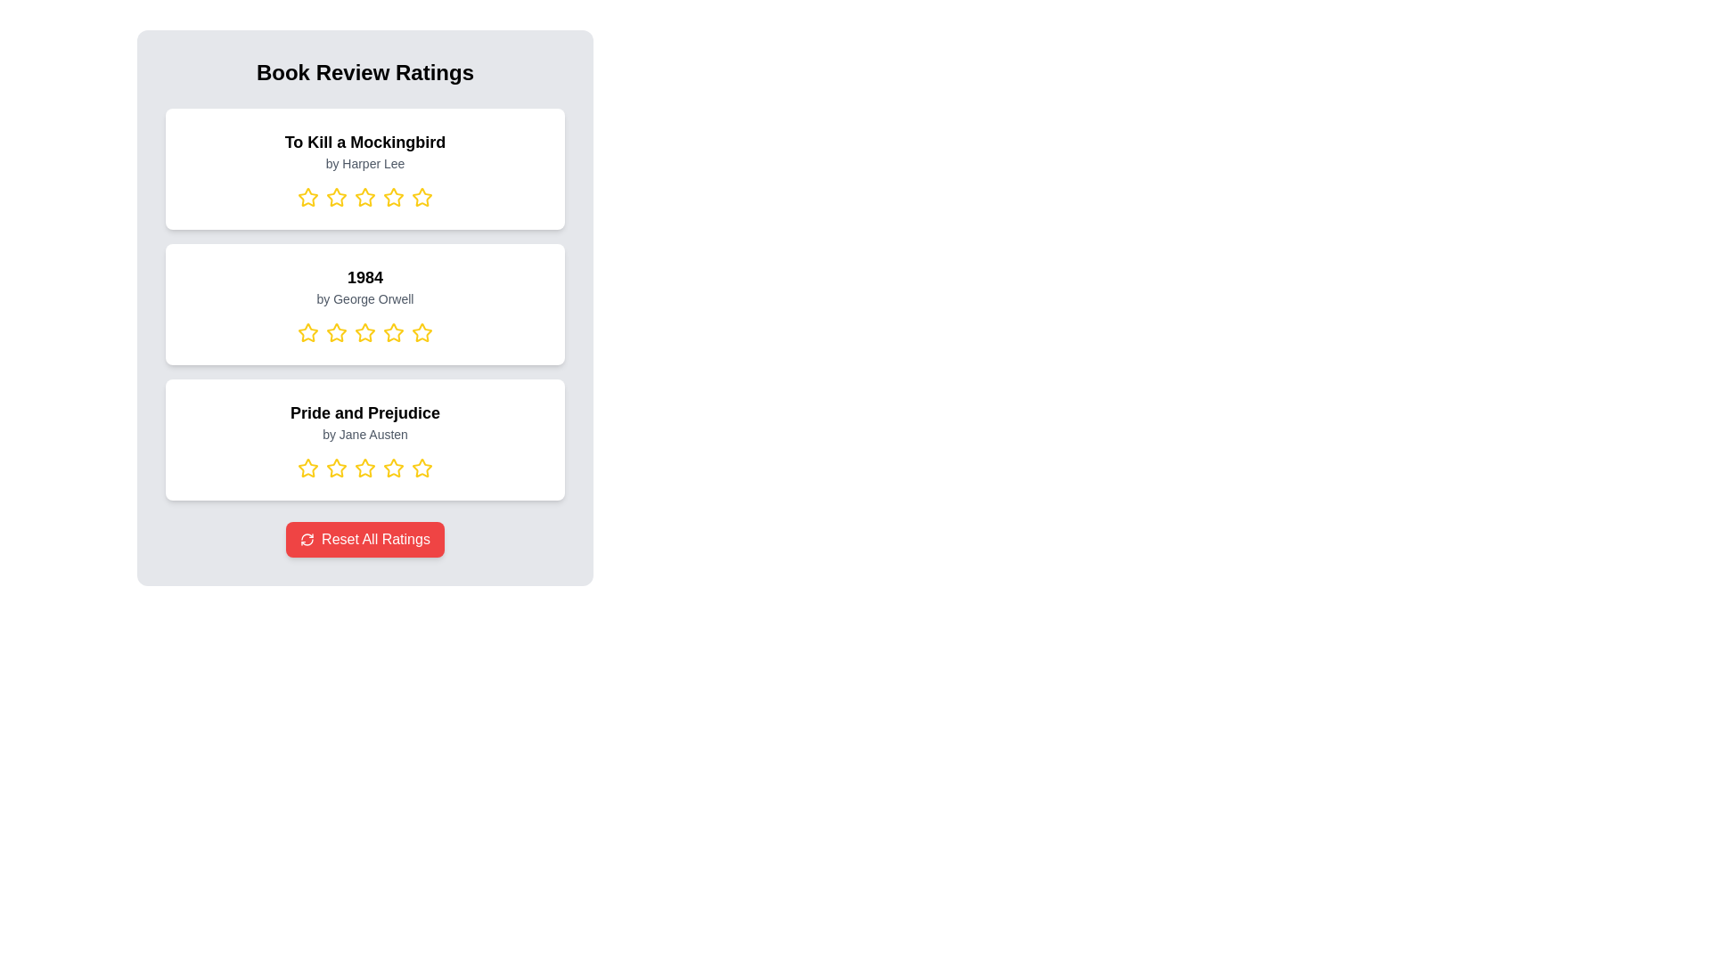 This screenshot has height=962, width=1711. I want to click on the 'Reset All Ratings' button to reset all ratings, so click(364, 538).